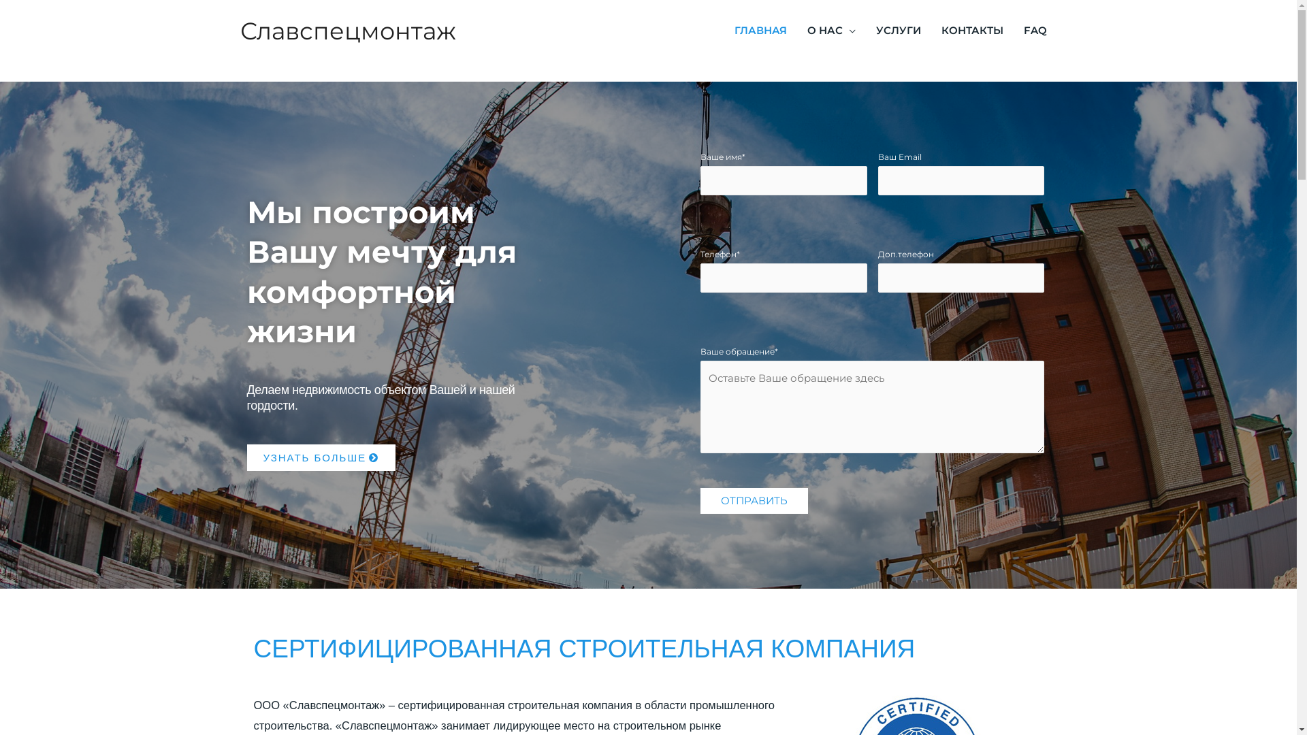 This screenshot has width=1307, height=735. What do you see at coordinates (1035, 31) in the screenshot?
I see `'FAQ'` at bounding box center [1035, 31].